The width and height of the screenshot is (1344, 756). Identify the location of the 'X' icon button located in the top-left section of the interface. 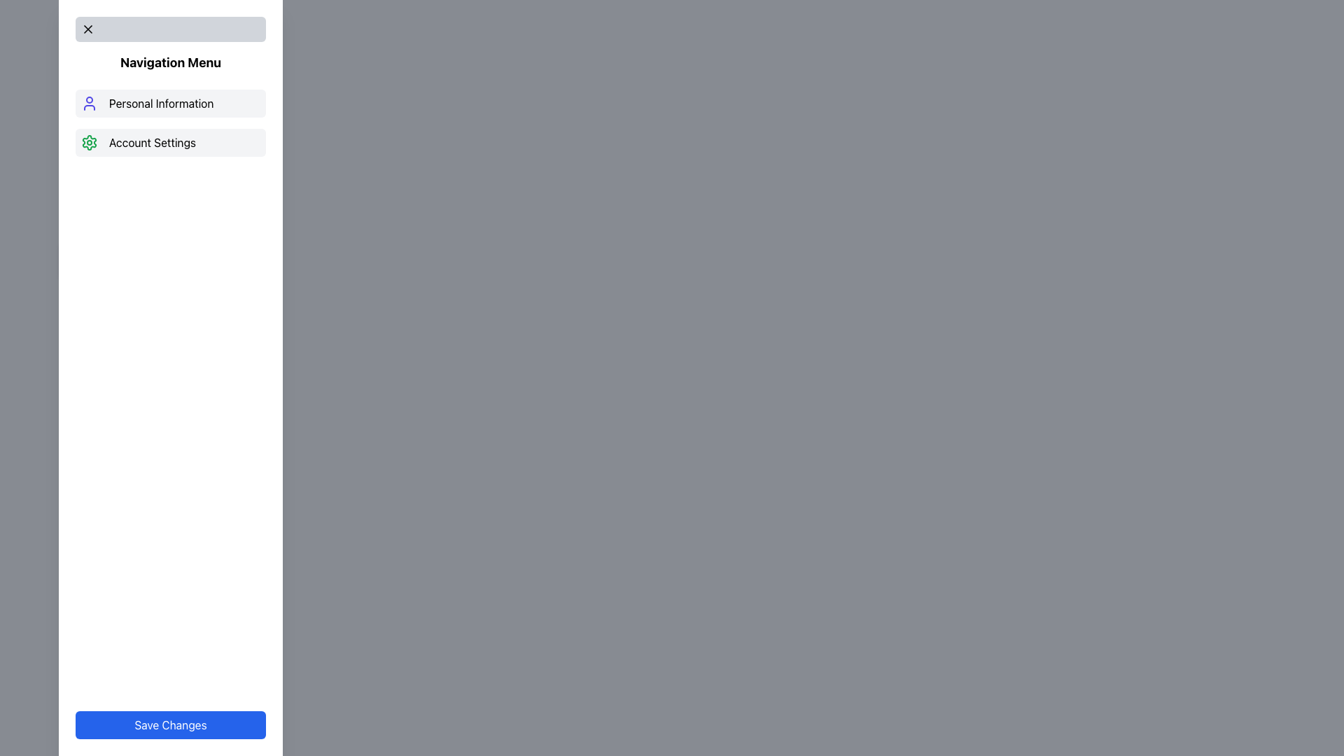
(87, 29).